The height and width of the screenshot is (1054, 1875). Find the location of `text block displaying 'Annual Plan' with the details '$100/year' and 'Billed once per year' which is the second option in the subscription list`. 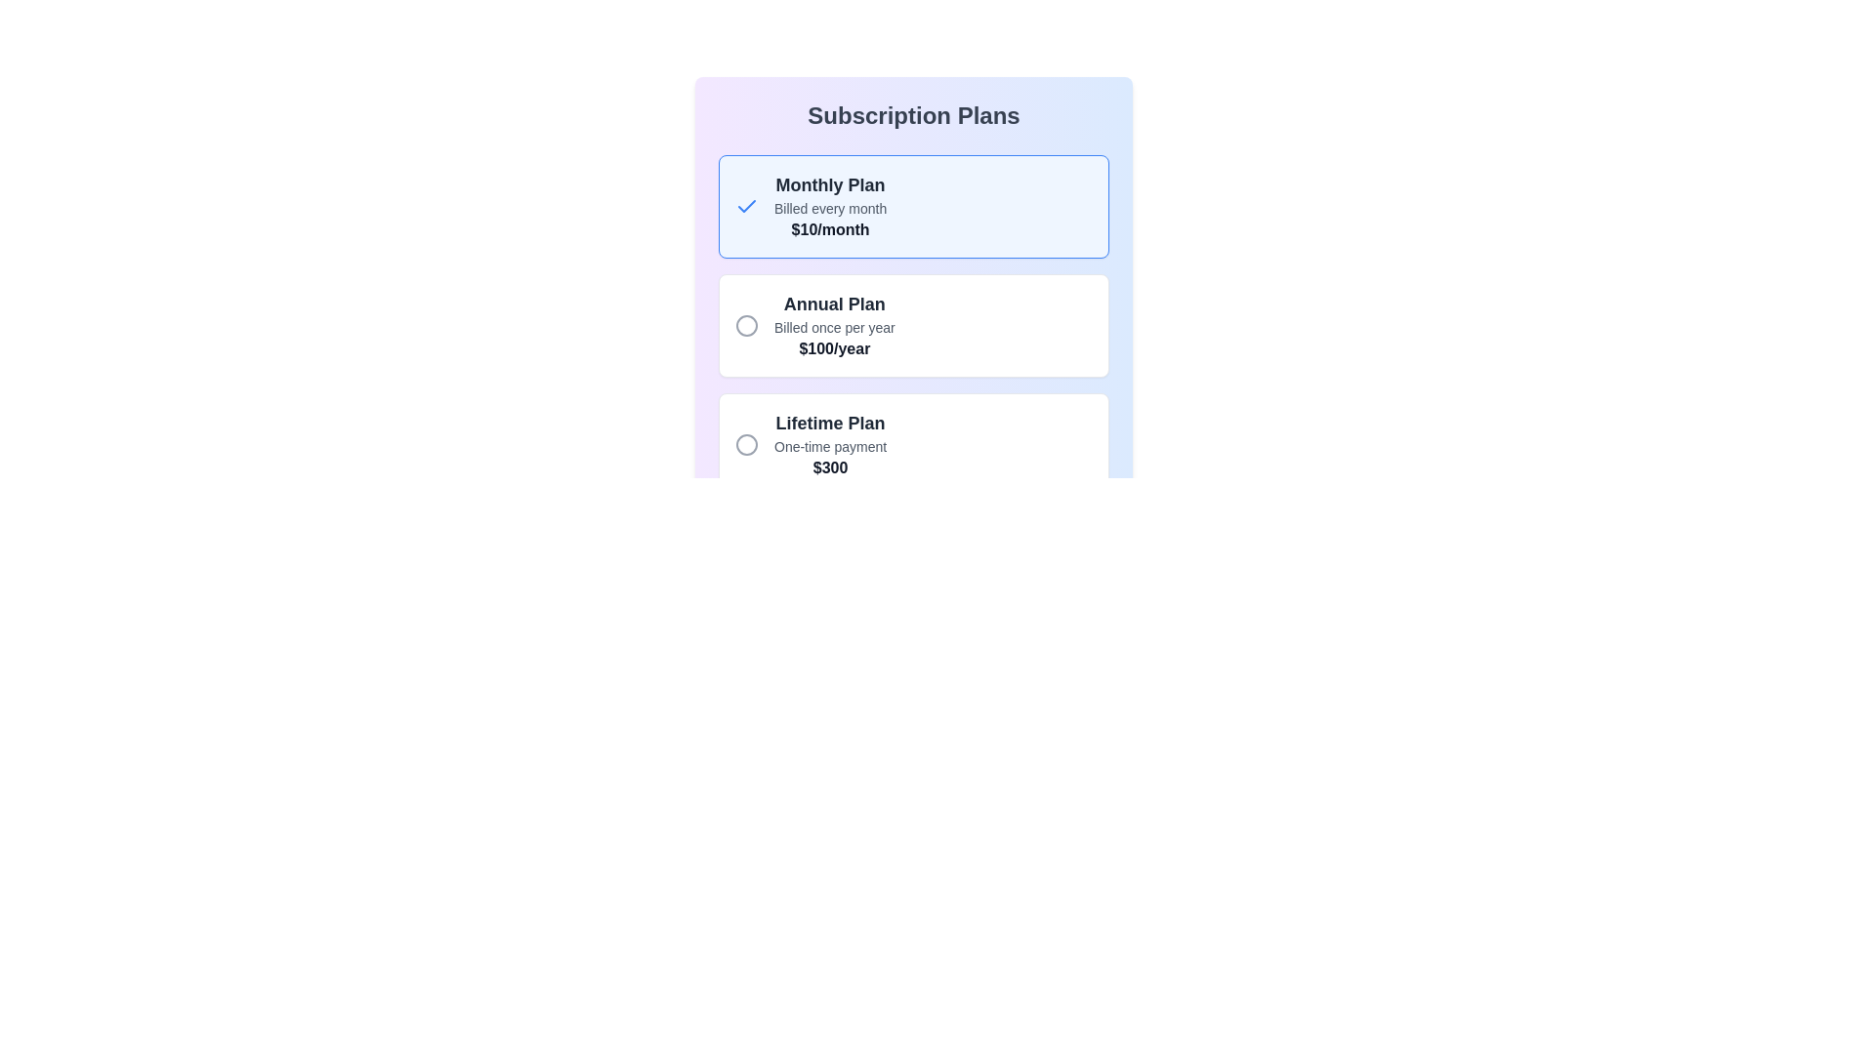

text block displaying 'Annual Plan' with the details '$100/year' and 'Billed once per year' which is the second option in the subscription list is located at coordinates (834, 325).